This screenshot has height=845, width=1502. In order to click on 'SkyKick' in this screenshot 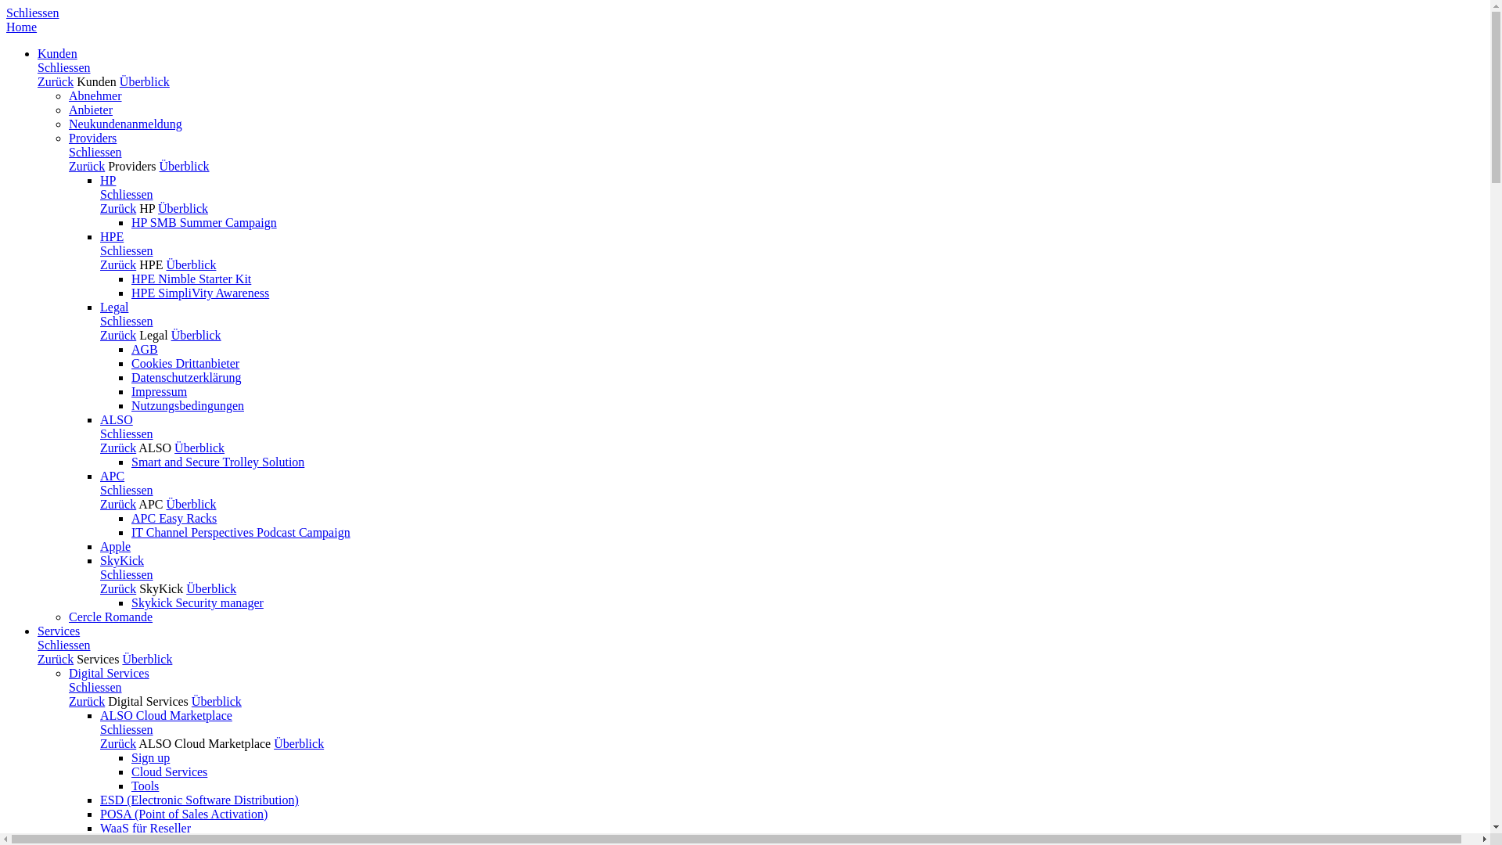, I will do `click(161, 588)`.